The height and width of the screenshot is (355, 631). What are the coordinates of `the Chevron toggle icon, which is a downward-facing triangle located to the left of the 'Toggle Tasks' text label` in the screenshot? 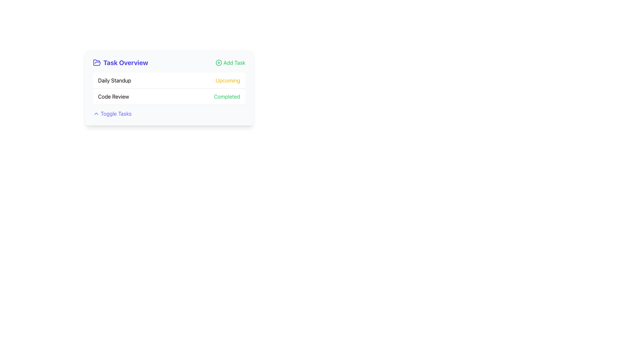 It's located at (96, 113).